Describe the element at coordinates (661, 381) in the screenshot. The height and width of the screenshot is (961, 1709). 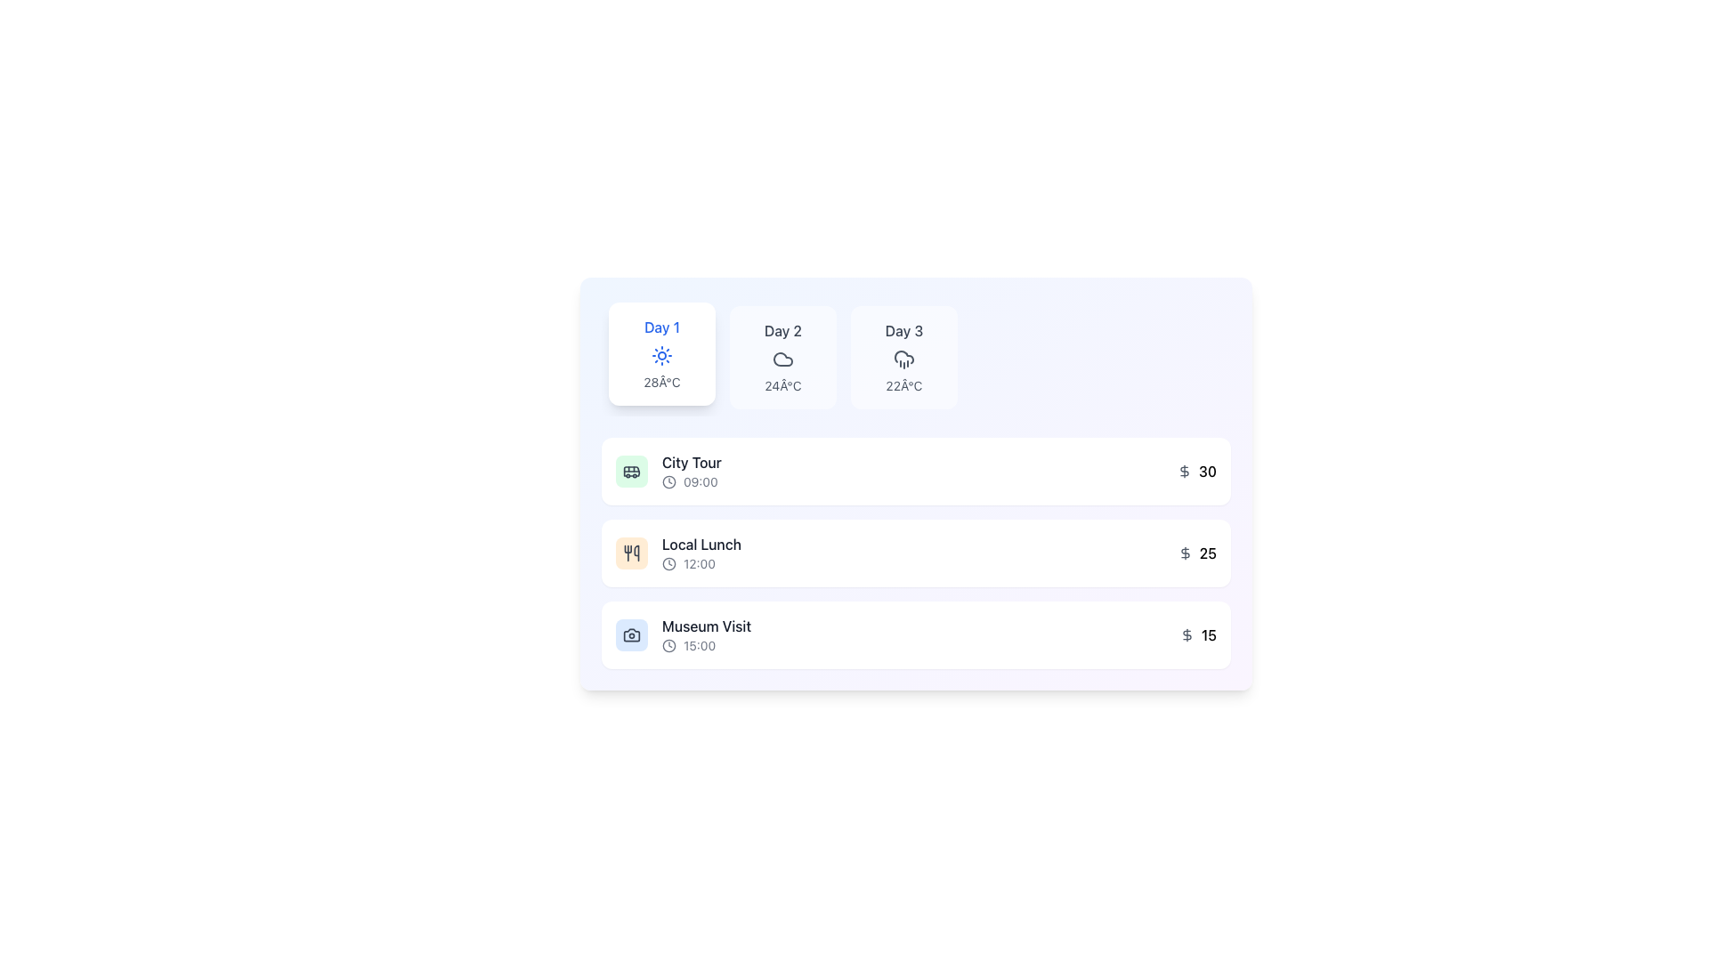
I see `the temperature value displayed in the label/text located beneath the sun icon in the Day 1 weather card` at that location.